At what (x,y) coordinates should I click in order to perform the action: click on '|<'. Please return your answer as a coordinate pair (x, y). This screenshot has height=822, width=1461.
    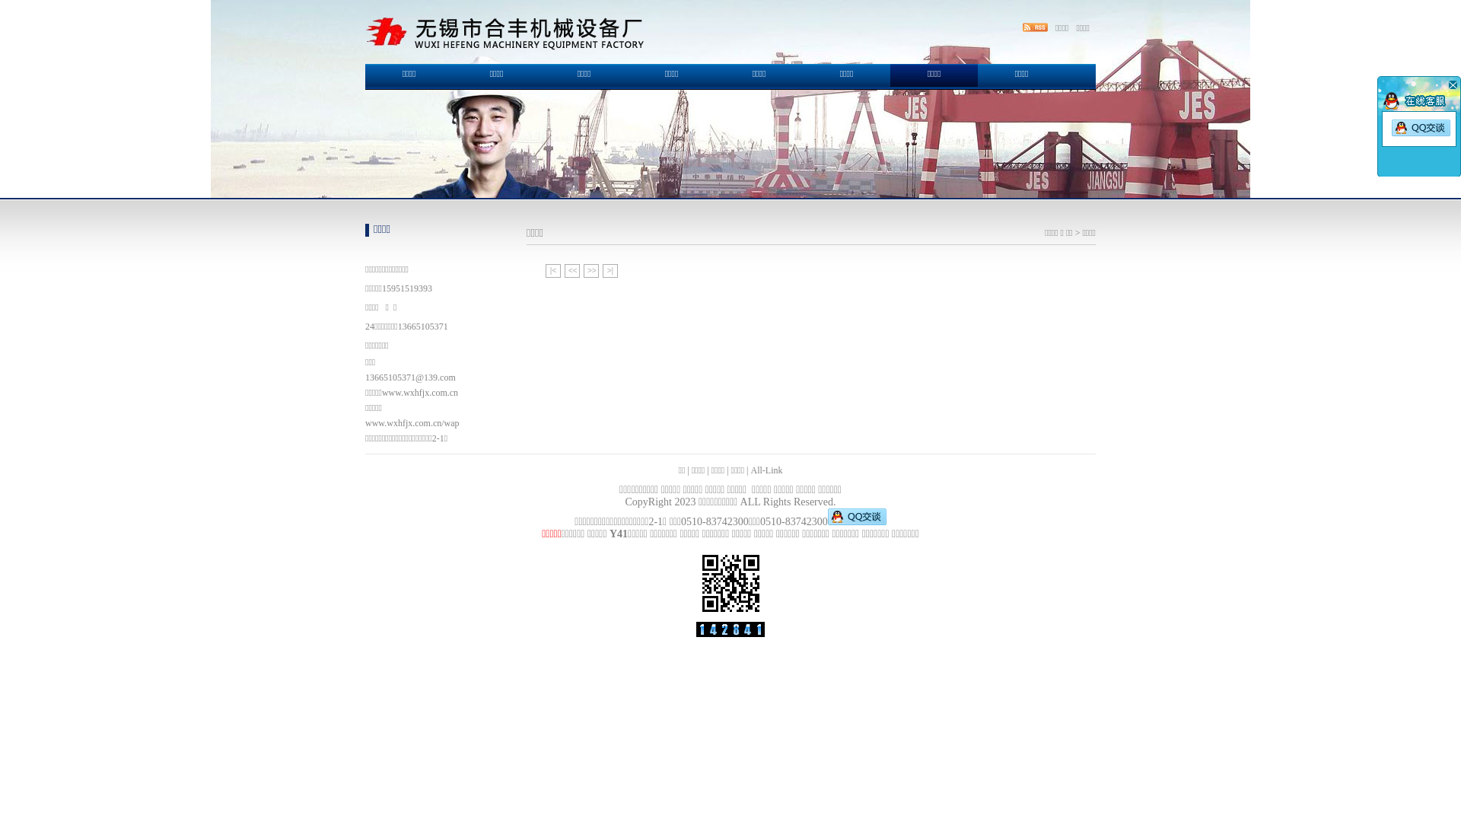
    Looking at the image, I should click on (552, 269).